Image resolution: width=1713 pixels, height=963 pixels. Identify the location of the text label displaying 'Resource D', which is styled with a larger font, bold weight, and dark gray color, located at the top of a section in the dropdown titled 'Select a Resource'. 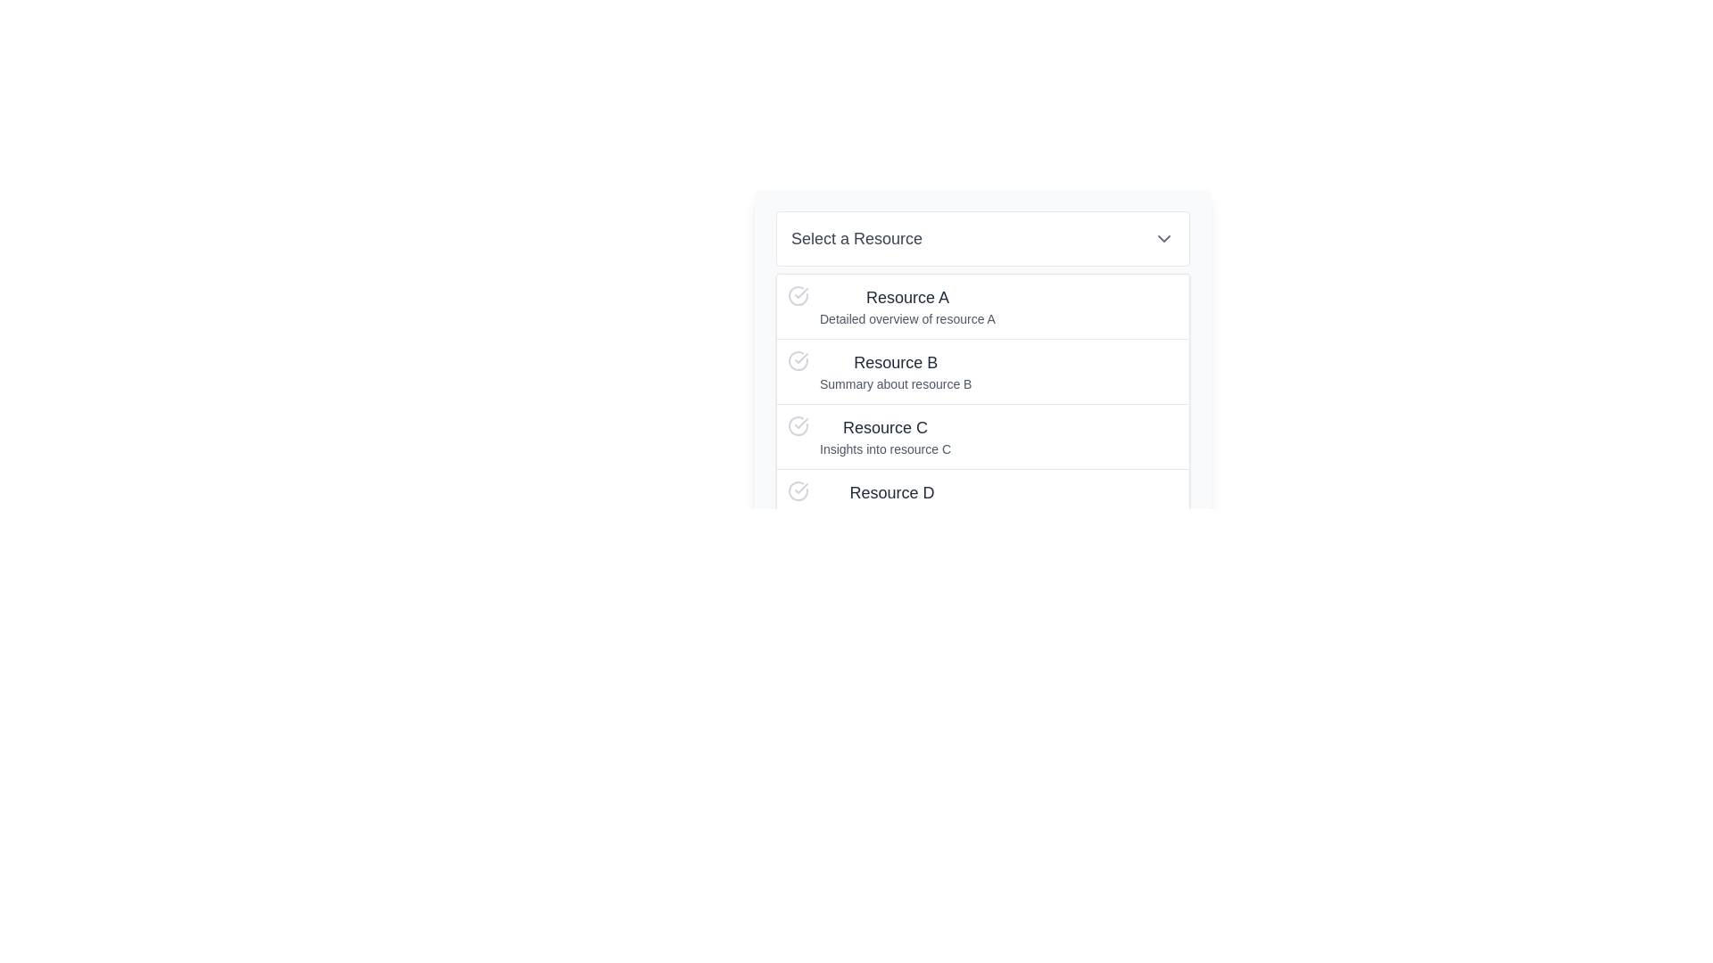
(891, 492).